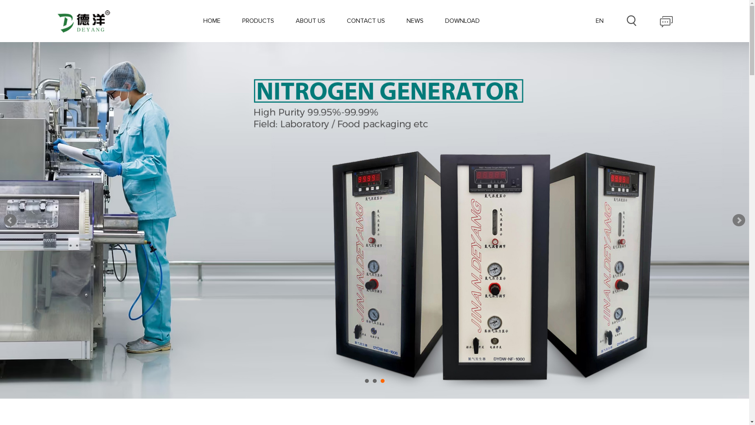  I want to click on 'CONTACT US', so click(365, 20).